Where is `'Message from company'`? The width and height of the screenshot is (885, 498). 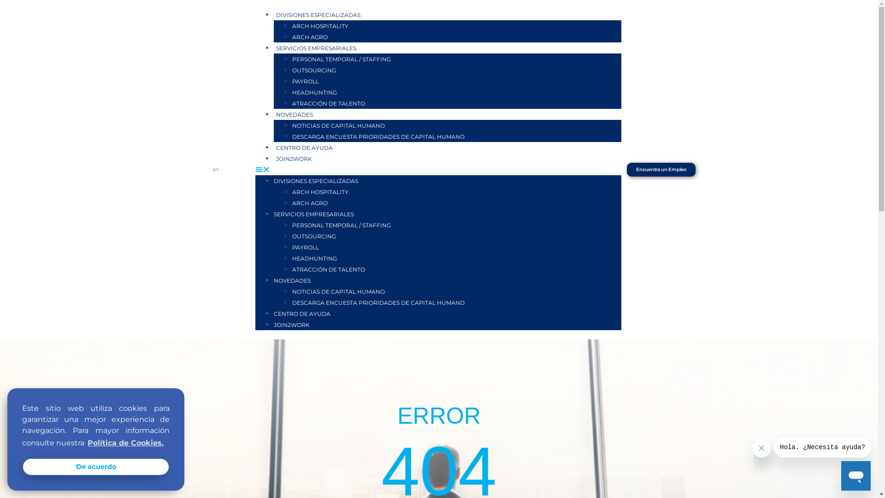
'Message from company' is located at coordinates (822, 446).